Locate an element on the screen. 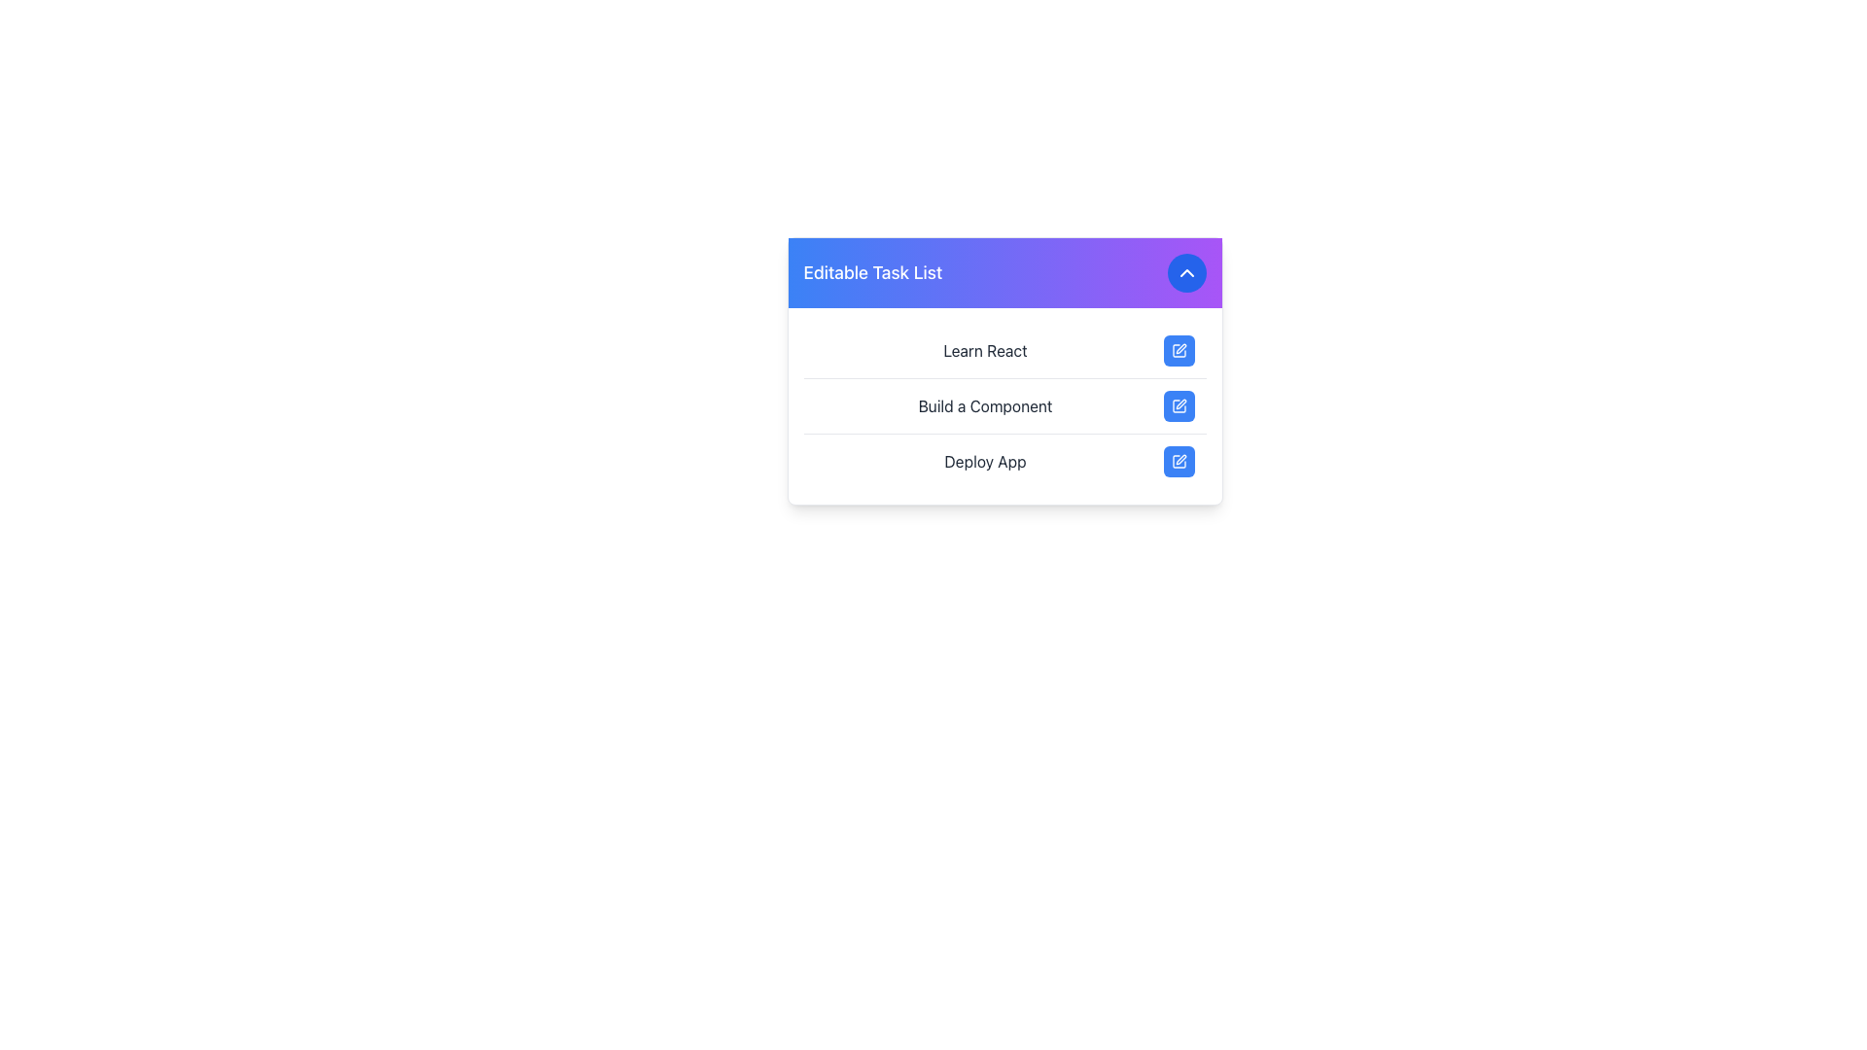 The image size is (1867, 1050). the icon button located on the far right of the 'Learn React' task row to initiate editing the corresponding task is located at coordinates (1178, 351).